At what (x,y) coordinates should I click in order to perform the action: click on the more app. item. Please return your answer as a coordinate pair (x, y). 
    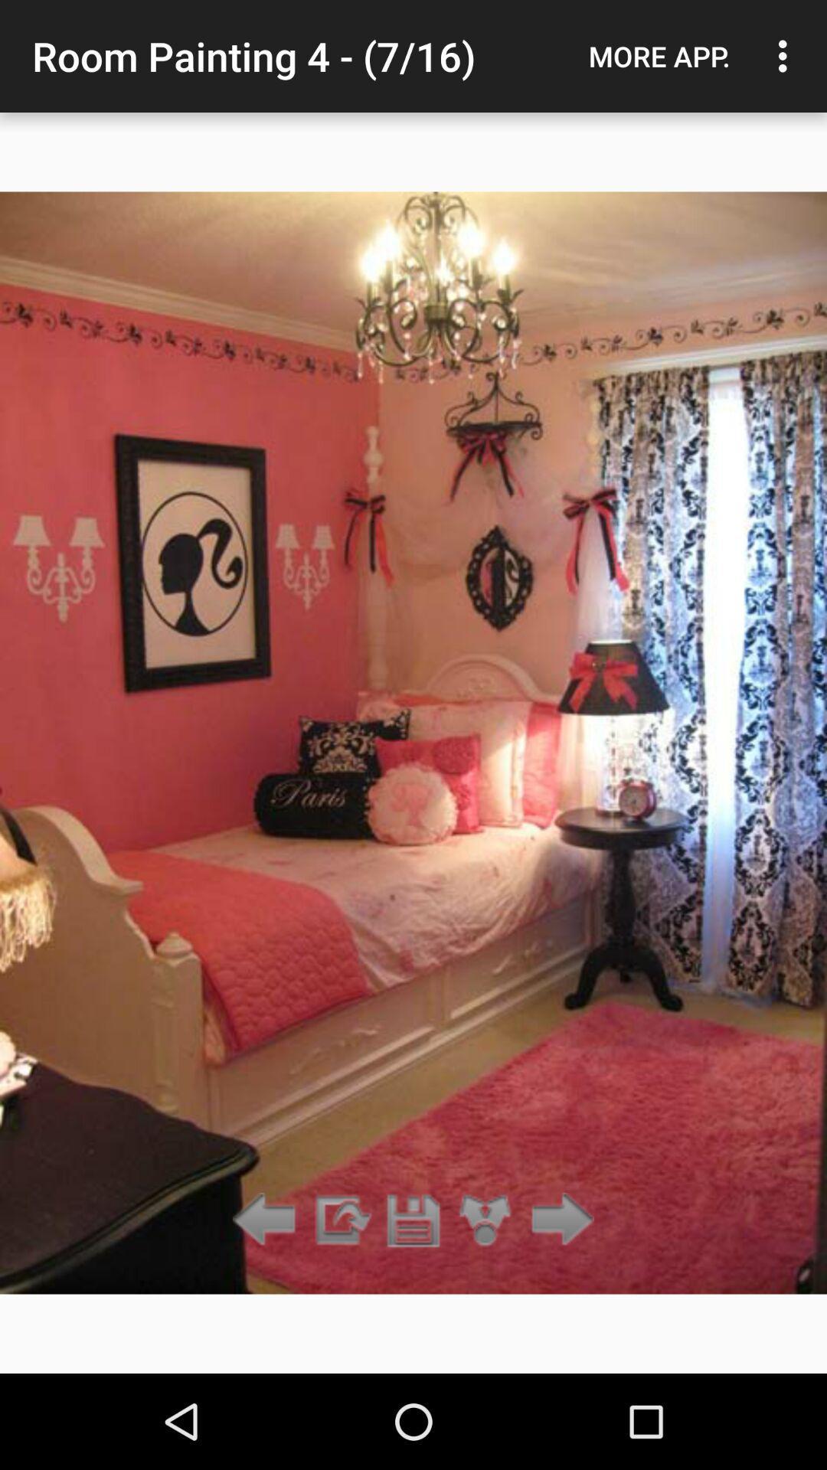
    Looking at the image, I should click on (659, 56).